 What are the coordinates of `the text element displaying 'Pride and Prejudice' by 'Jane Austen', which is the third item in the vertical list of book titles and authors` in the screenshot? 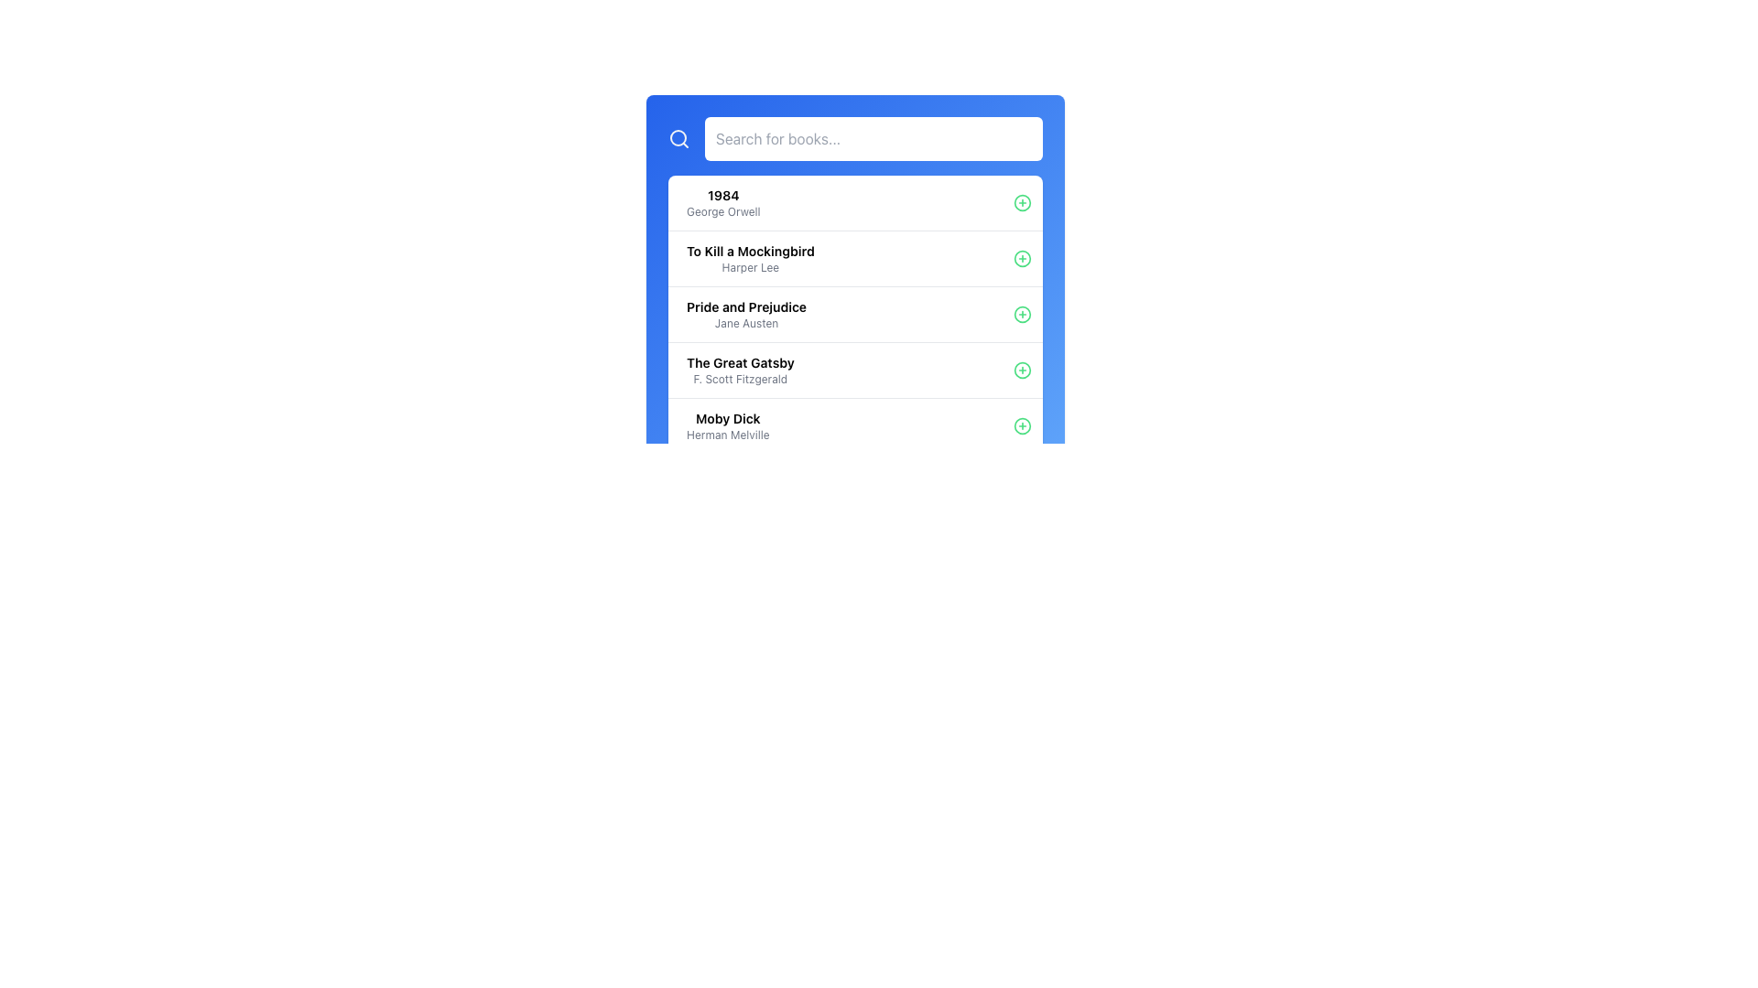 It's located at (746, 313).